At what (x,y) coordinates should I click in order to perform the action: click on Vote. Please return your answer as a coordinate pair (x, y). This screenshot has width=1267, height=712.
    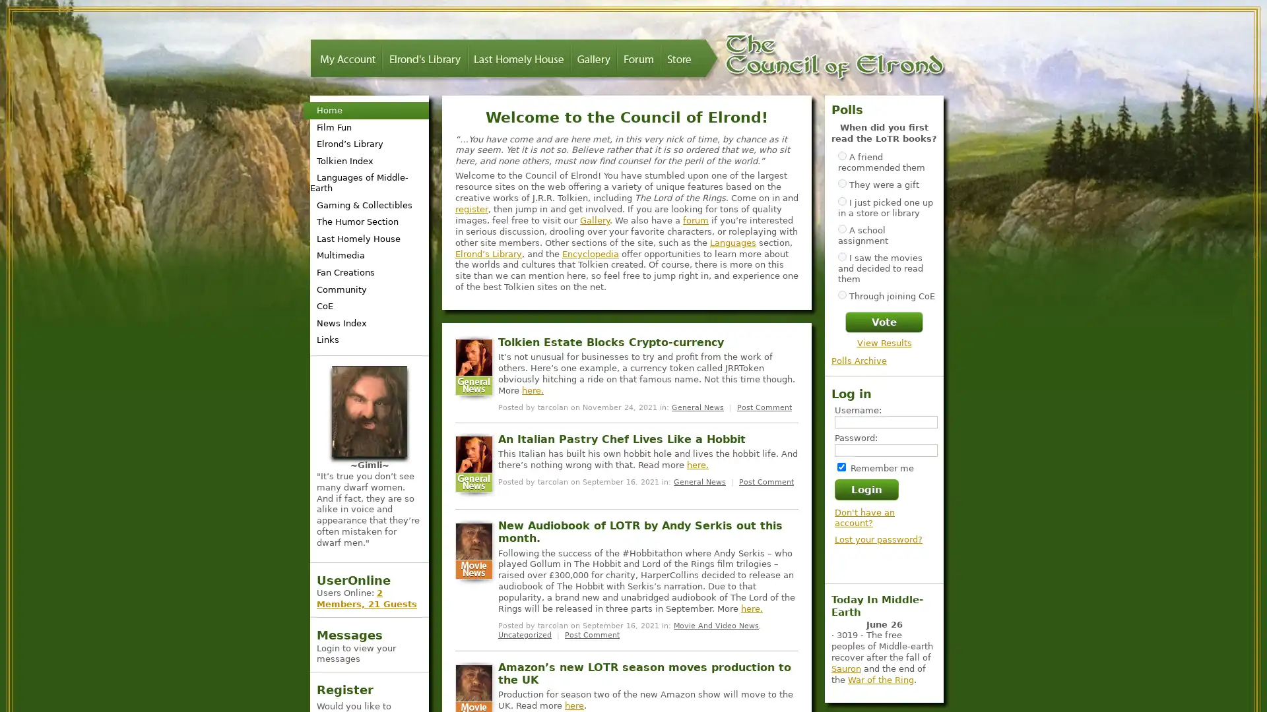
    Looking at the image, I should click on (884, 322).